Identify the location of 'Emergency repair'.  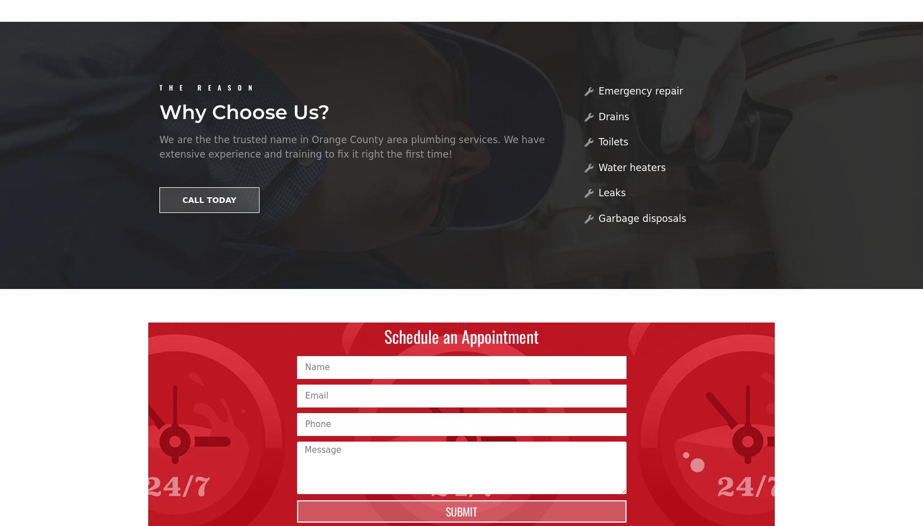
(640, 90).